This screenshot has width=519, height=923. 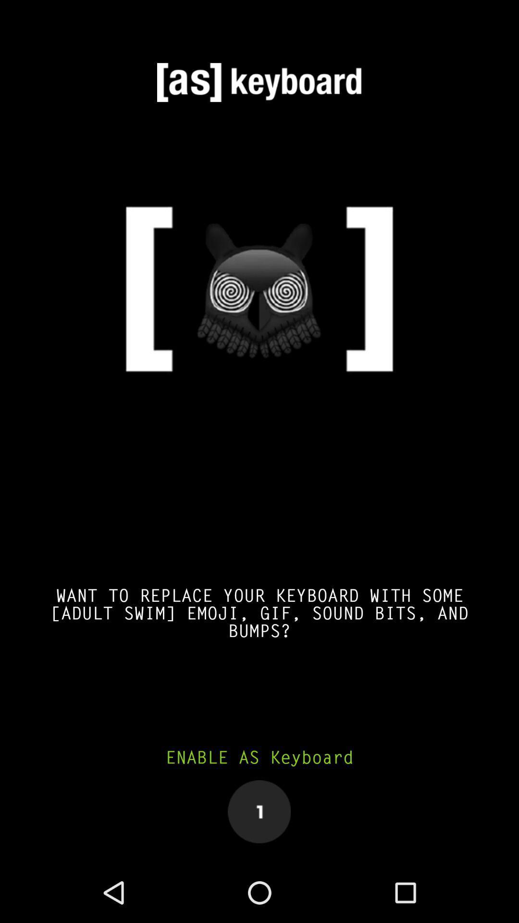 I want to click on item below the want to replace icon, so click(x=259, y=757).